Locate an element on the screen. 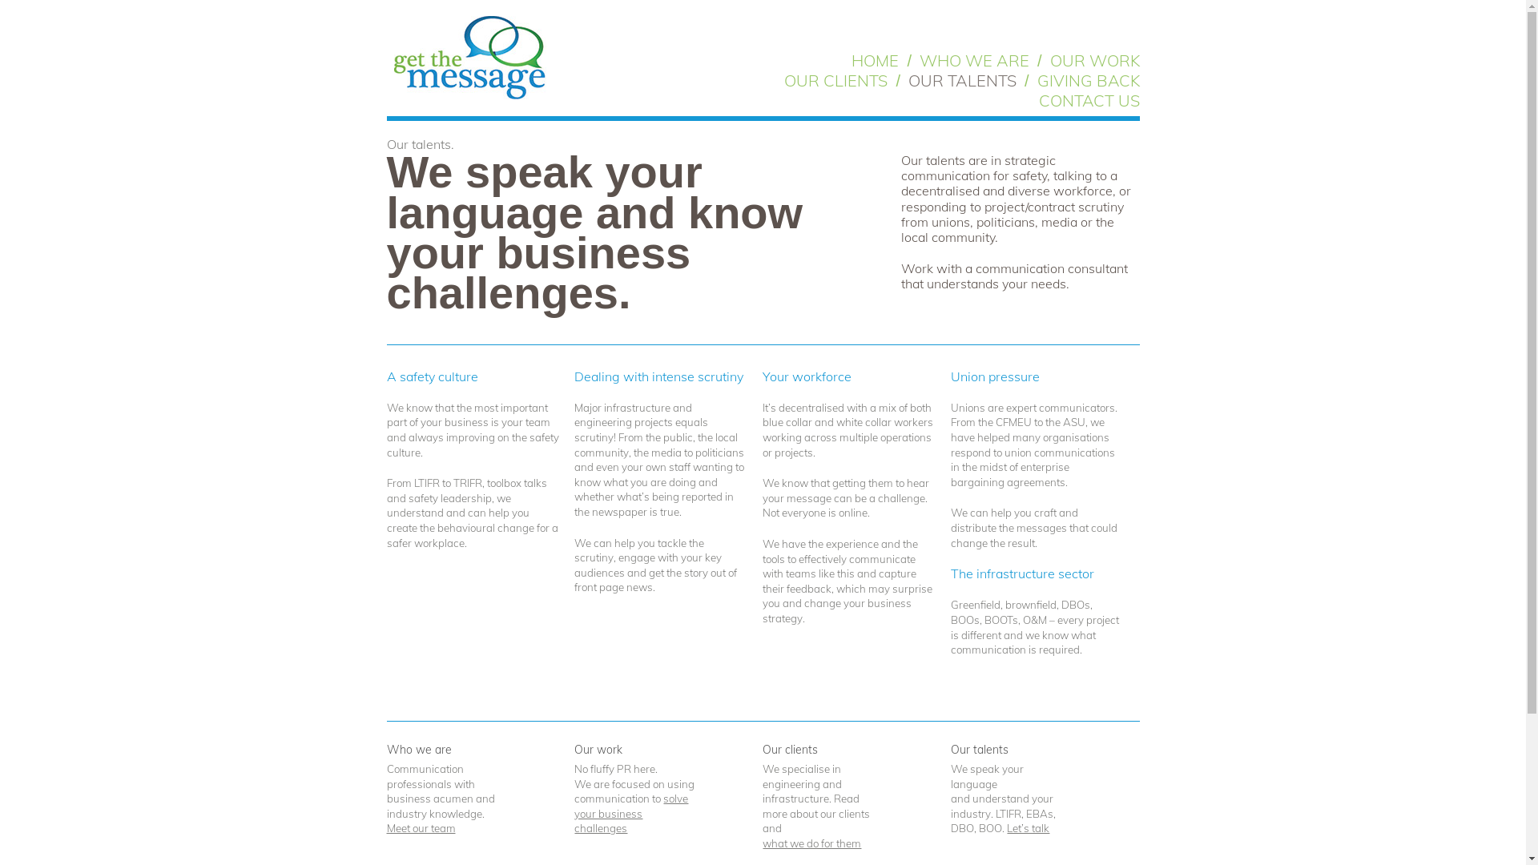 The height and width of the screenshot is (865, 1538). 'GIVING BACK' is located at coordinates (1088, 80).